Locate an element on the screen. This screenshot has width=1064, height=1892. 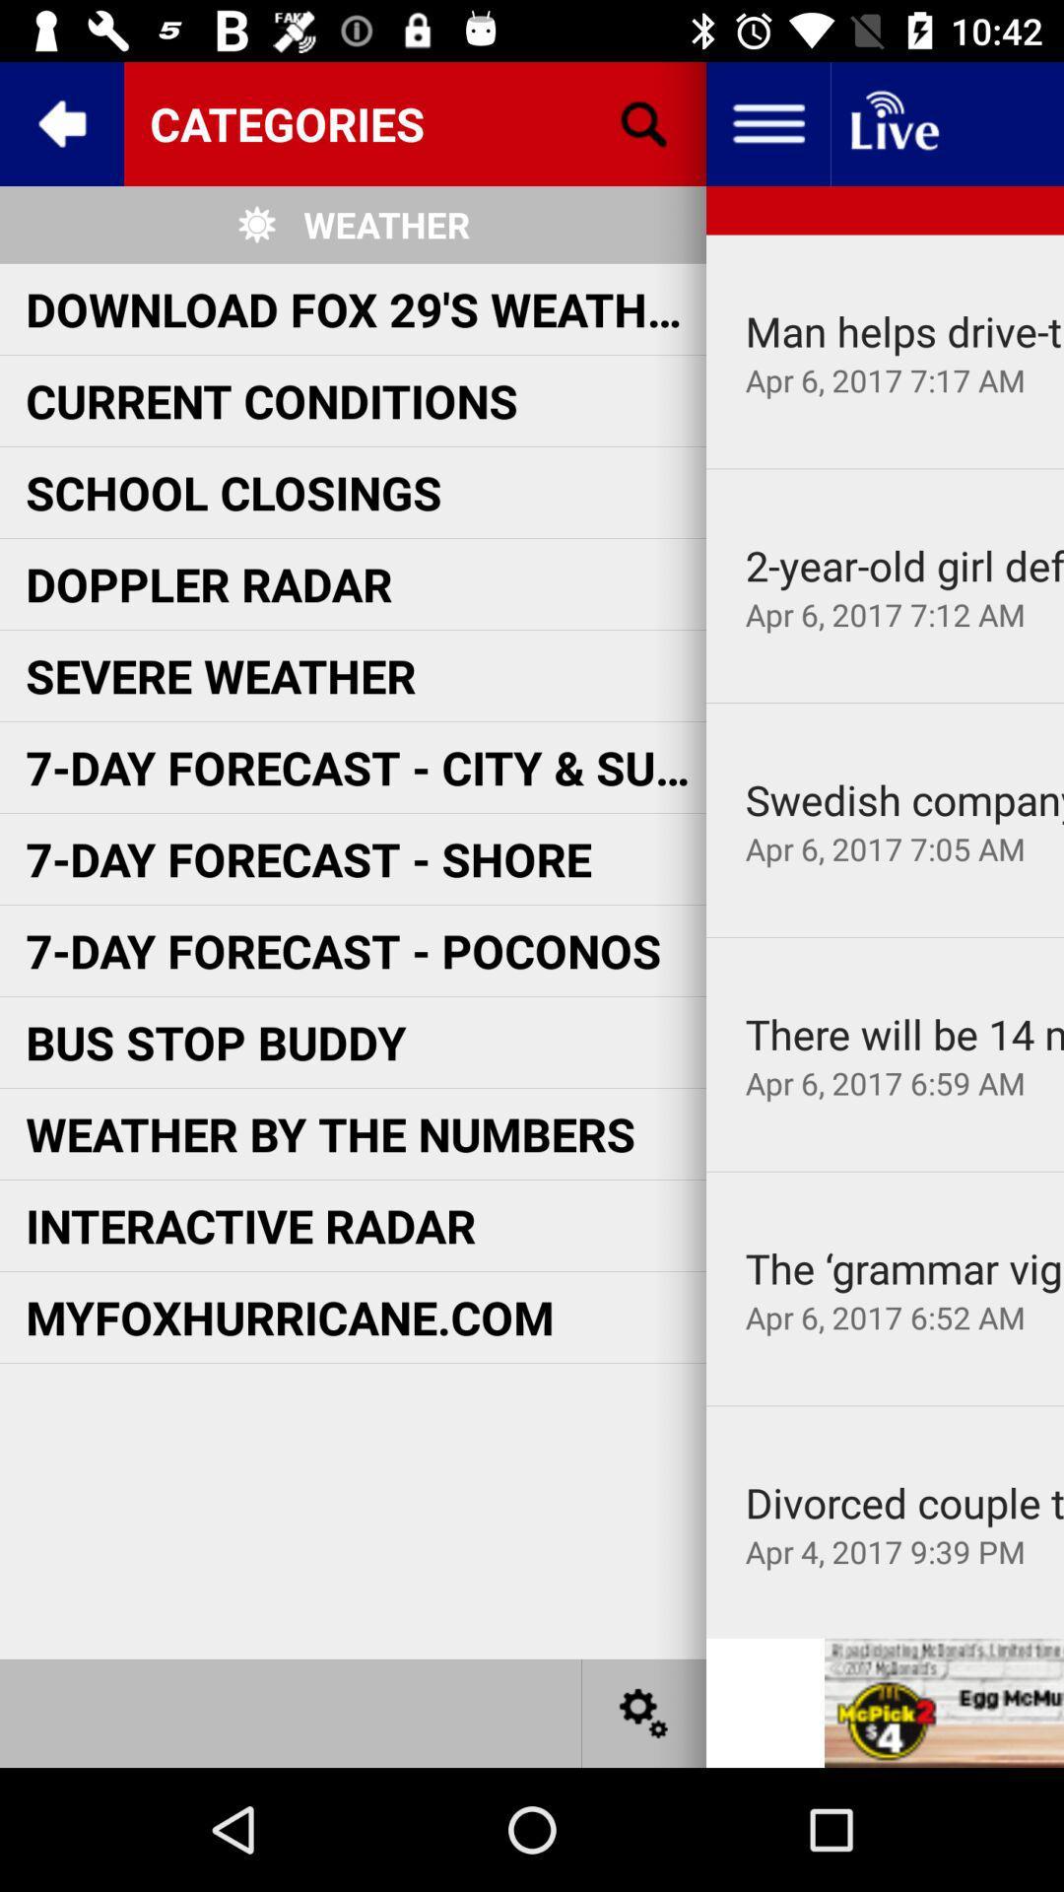
live broadcast is located at coordinates (893, 122).